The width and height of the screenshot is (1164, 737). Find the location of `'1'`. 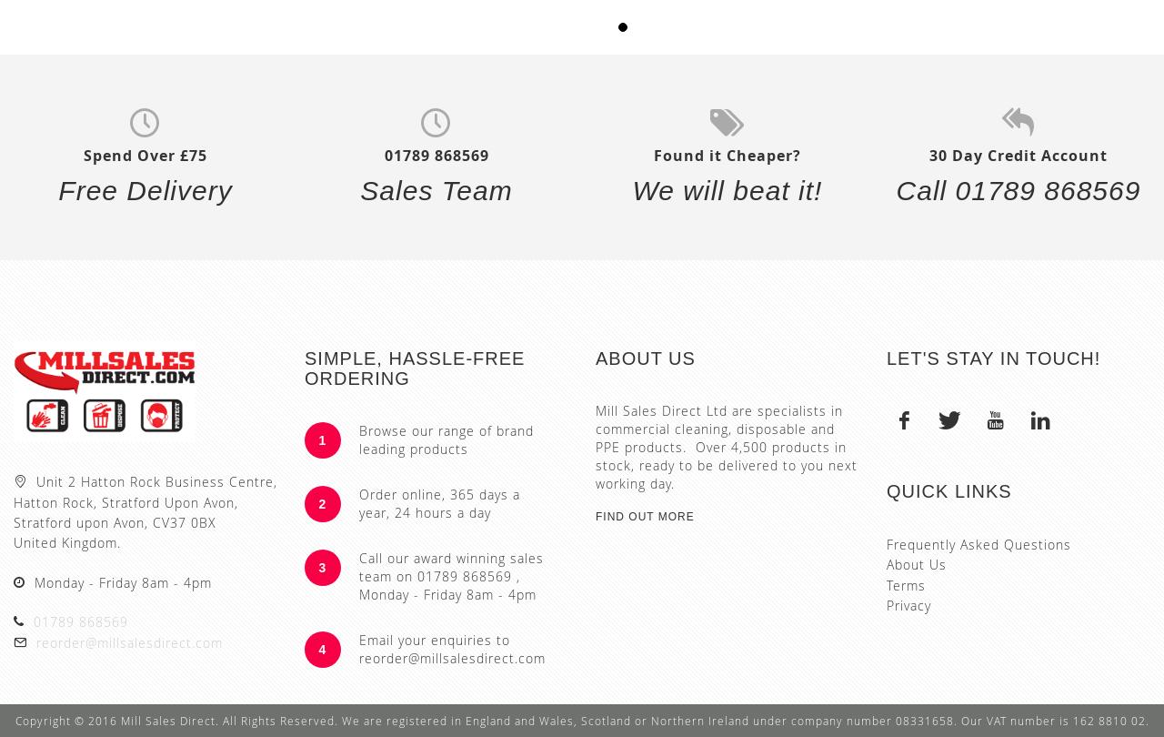

'1' is located at coordinates (322, 439).